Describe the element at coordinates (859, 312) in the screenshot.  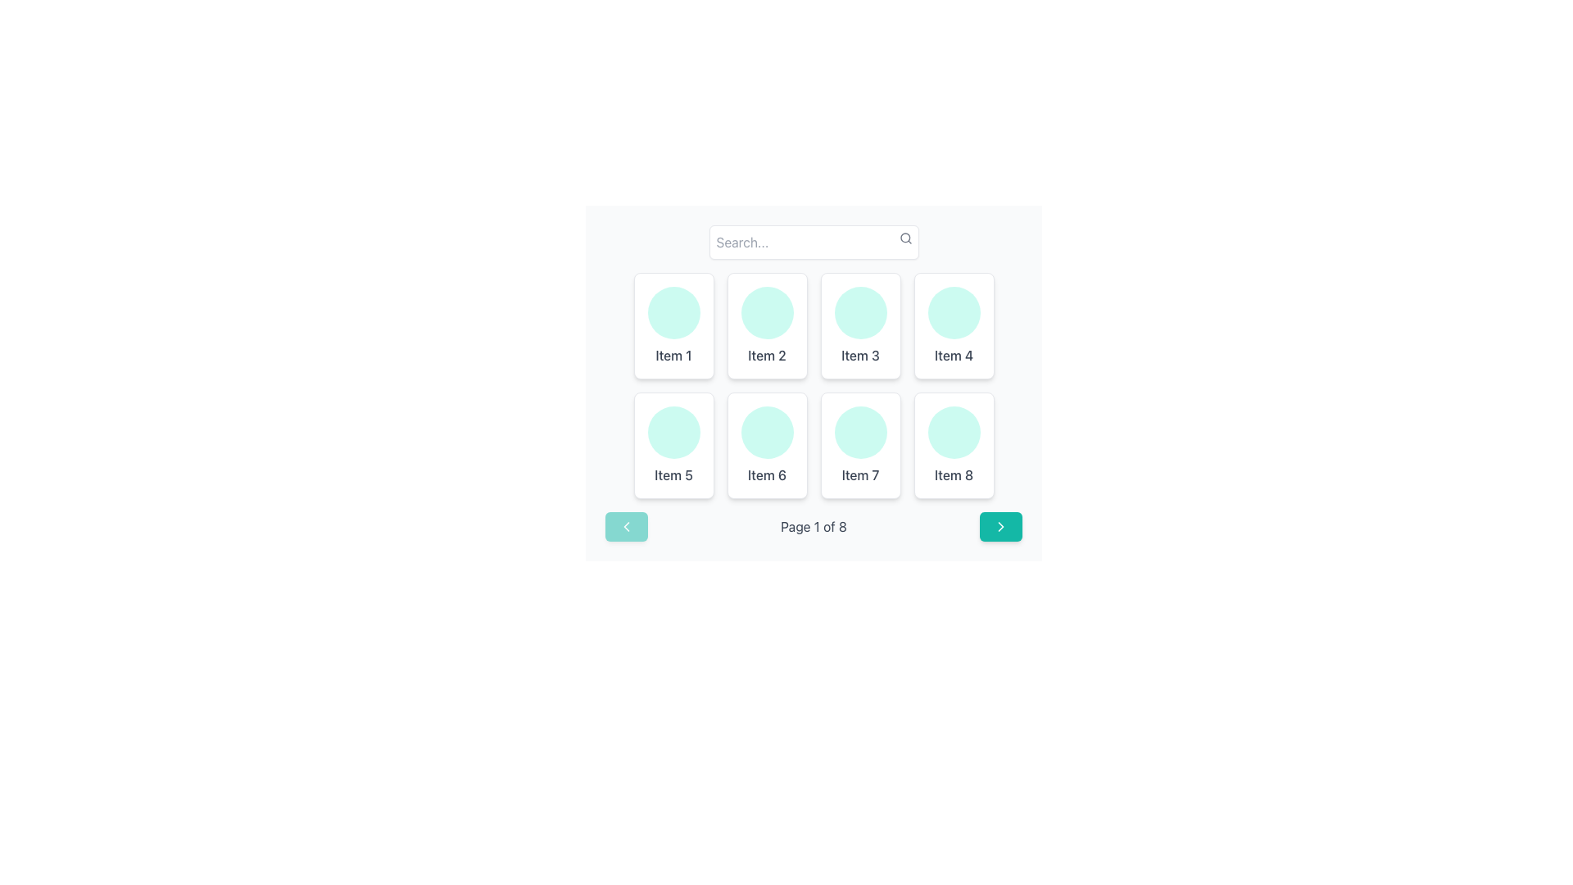
I see `the circular teal button located within the card labeled 'Item 3'` at that location.